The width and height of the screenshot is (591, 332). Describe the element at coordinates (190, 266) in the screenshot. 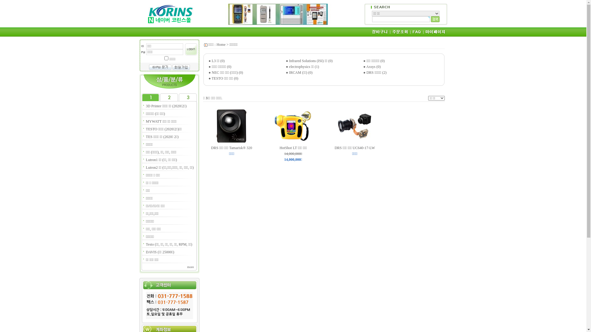

I see `'more'` at that location.